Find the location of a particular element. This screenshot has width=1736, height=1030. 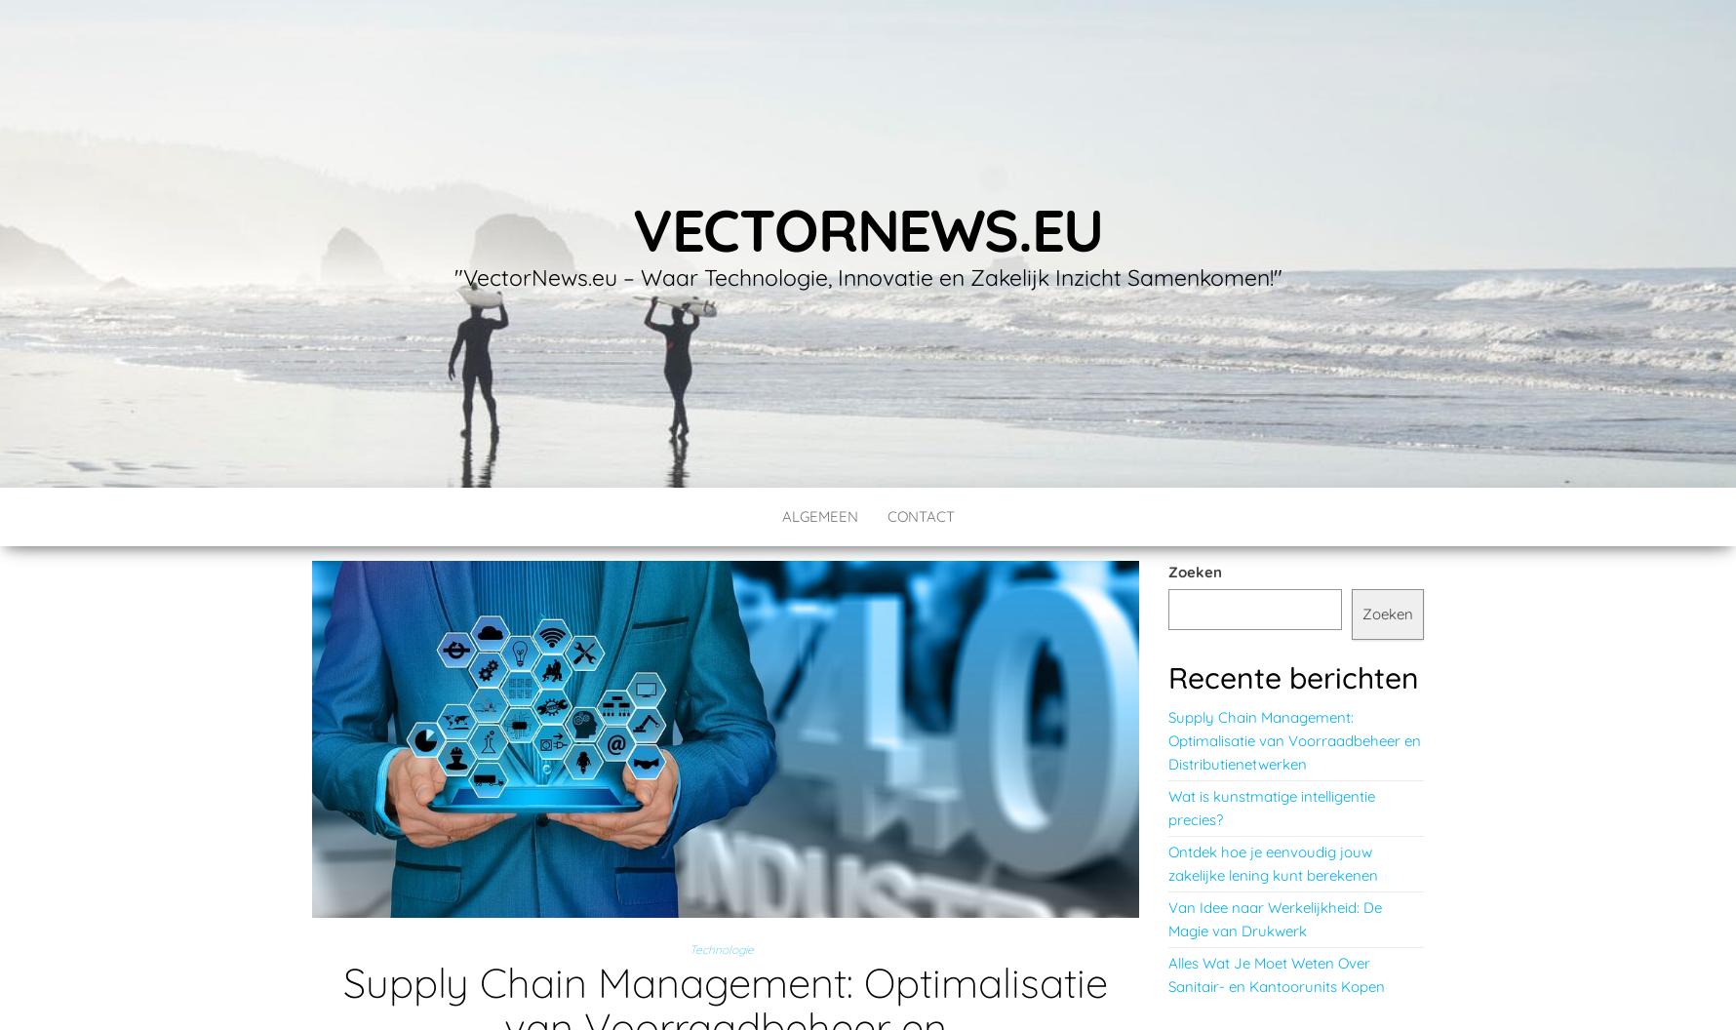

'Recente berichten' is located at coordinates (1167, 677).